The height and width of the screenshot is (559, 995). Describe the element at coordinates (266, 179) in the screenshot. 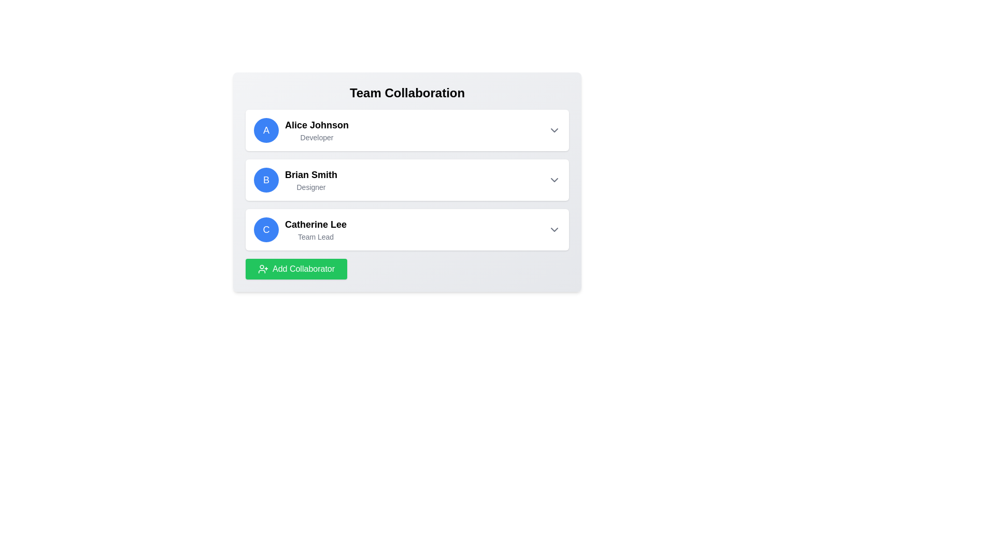

I see `the circular avatar with a blue background and a white letter 'B'` at that location.